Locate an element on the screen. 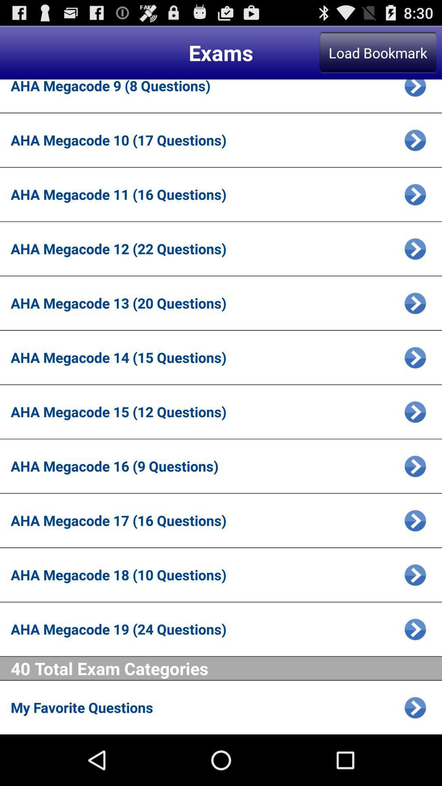 The height and width of the screenshot is (786, 442). item below the 40 total exam app is located at coordinates (204, 707).